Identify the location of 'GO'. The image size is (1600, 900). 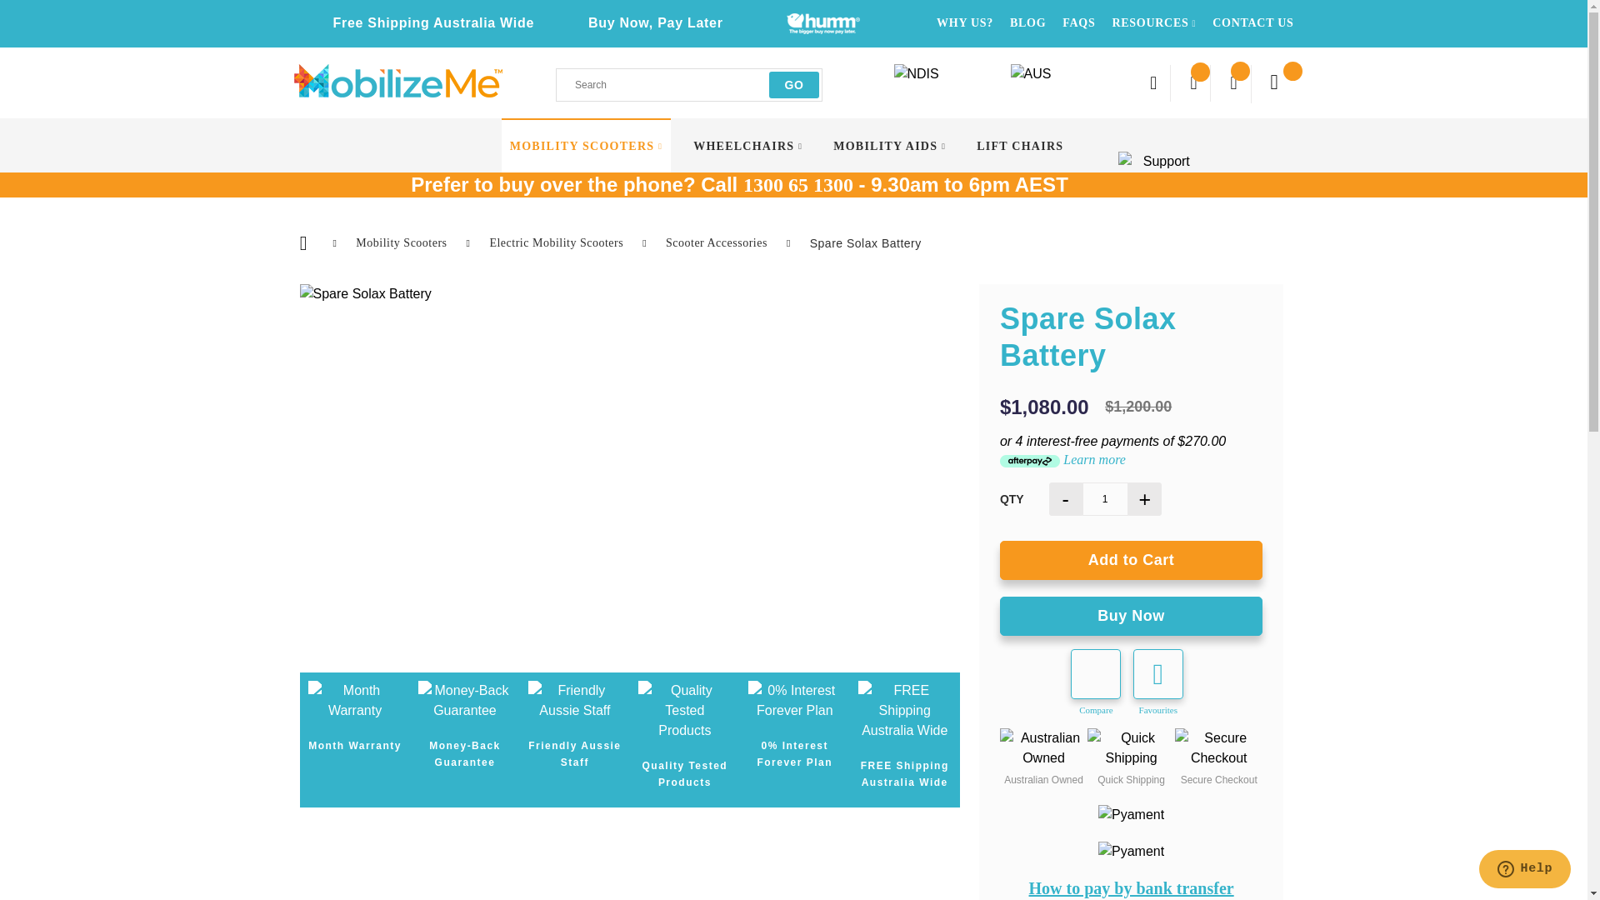
(793, 84).